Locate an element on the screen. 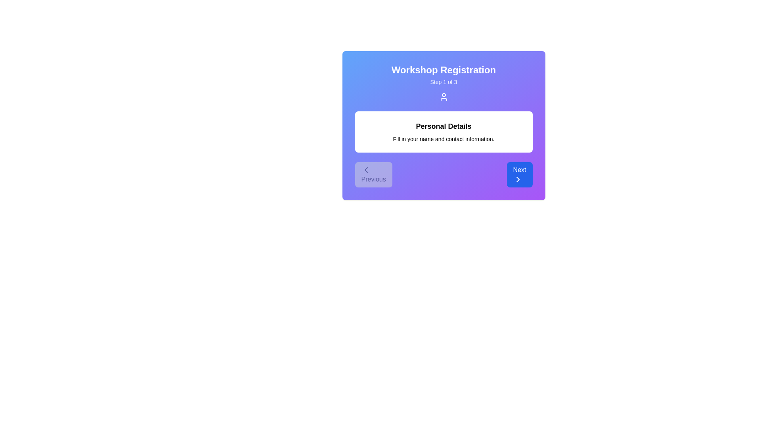 Image resolution: width=761 pixels, height=428 pixels. the icon located at the center-right of the 'Next' button, which indicates moving to the next step or page is located at coordinates (518, 179).